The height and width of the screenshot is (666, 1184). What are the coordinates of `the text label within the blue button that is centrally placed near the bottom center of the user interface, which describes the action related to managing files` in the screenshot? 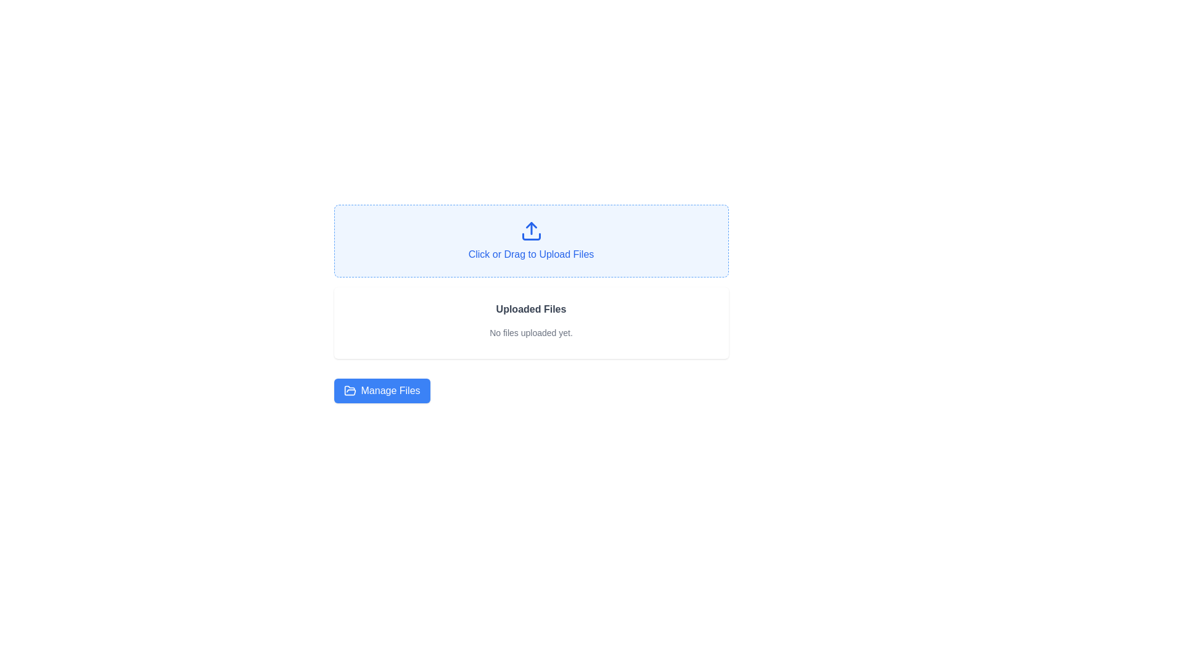 It's located at (390, 390).